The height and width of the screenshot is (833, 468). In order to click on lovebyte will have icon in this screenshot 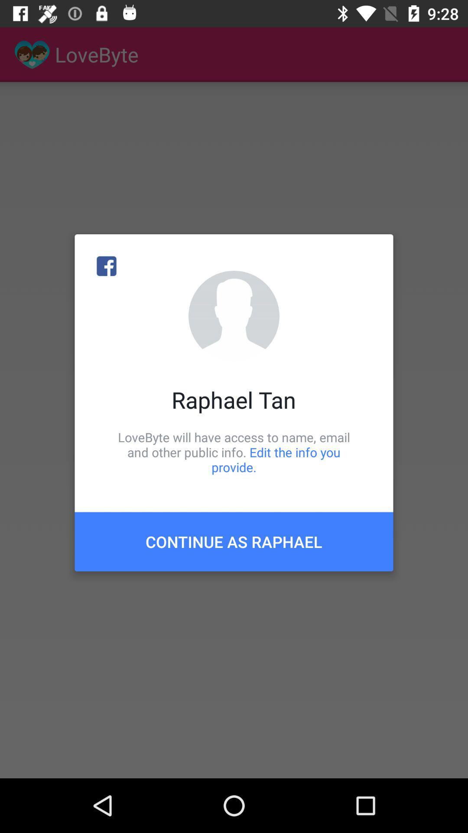, I will do `click(234, 452)`.